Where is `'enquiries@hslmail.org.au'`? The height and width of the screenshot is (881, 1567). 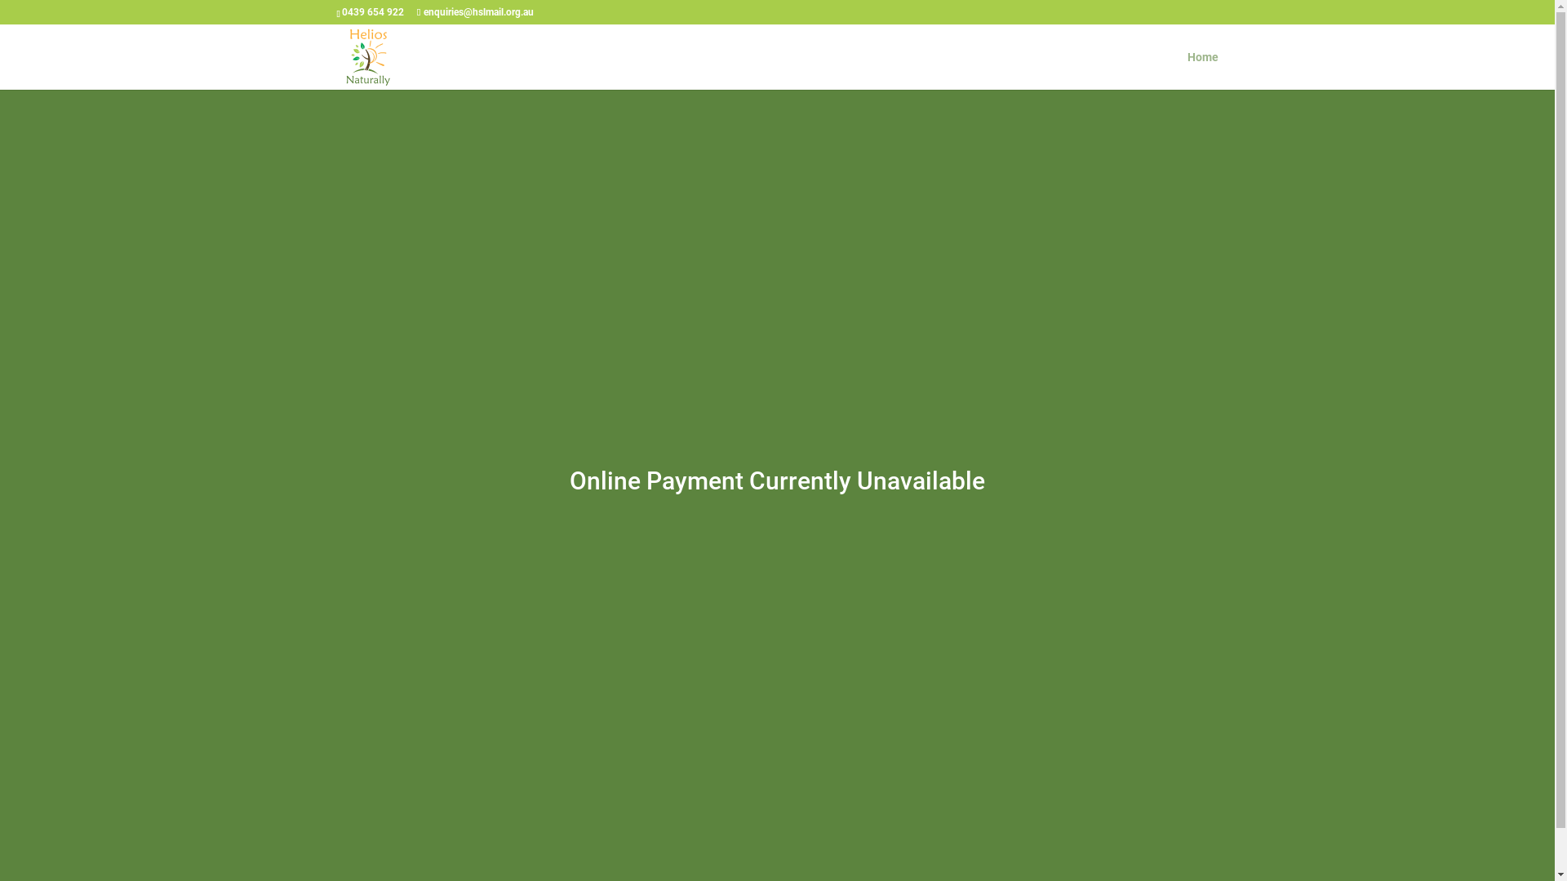
'enquiries@hslmail.org.au' is located at coordinates (474, 12).